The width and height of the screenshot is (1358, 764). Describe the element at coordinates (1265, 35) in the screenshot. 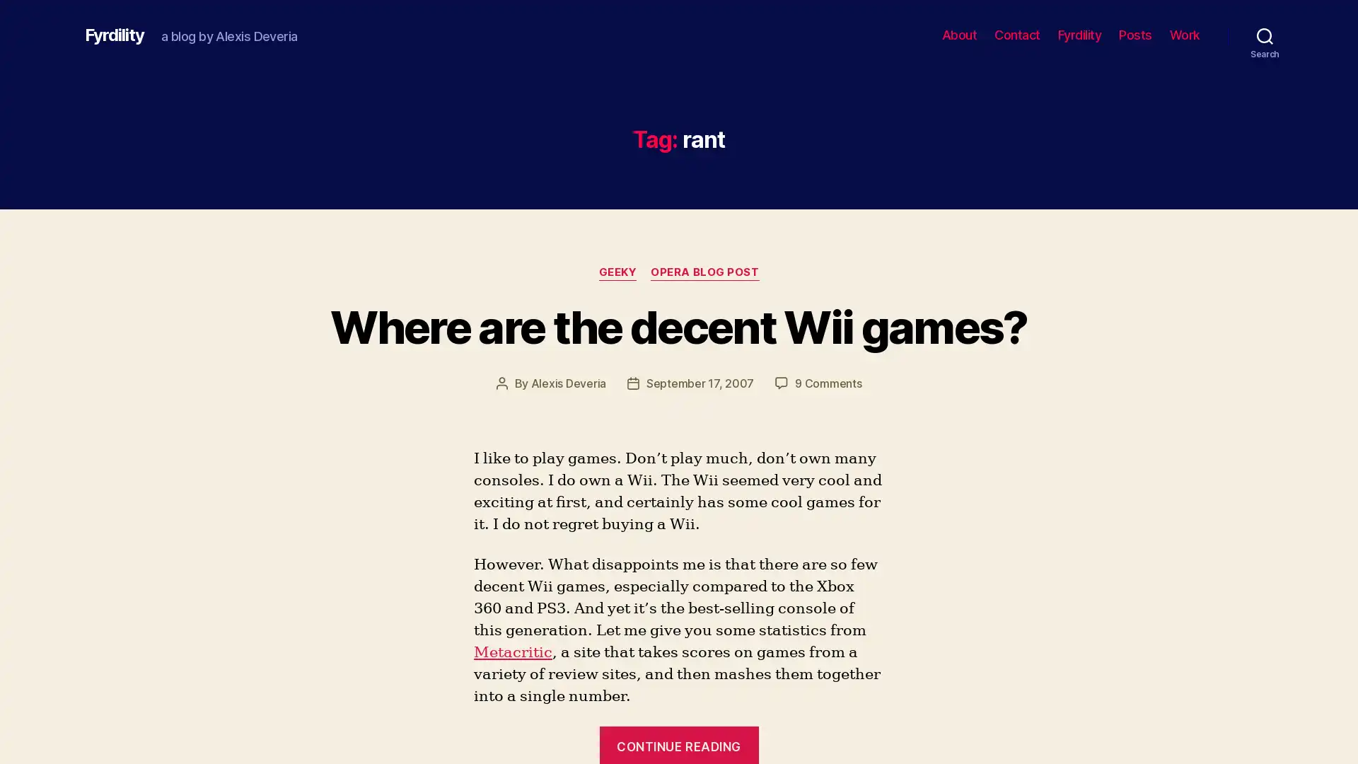

I see `Search` at that location.